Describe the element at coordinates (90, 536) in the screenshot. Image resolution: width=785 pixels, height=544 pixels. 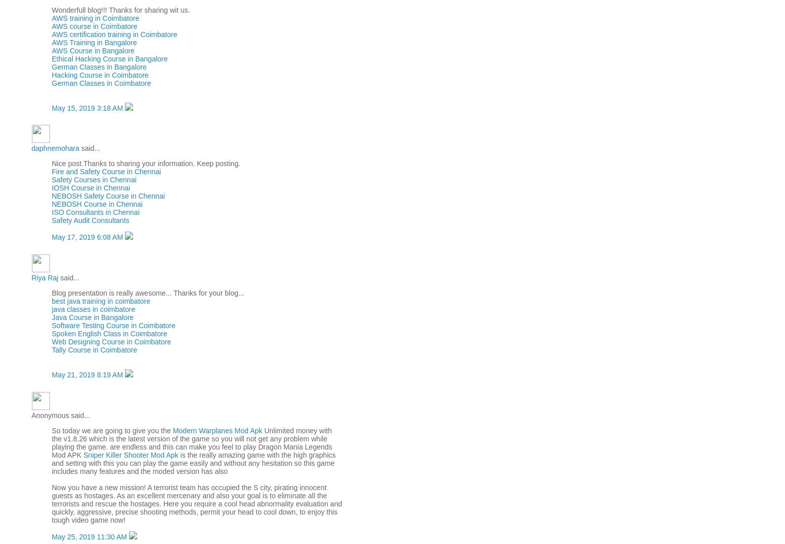
I see `'May 25, 2019 11:30 AM'` at that location.